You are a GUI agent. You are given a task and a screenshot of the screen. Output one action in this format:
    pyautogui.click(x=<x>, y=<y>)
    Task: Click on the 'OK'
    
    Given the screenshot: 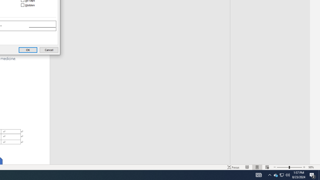 What is the action you would take?
    pyautogui.click(x=28, y=50)
    